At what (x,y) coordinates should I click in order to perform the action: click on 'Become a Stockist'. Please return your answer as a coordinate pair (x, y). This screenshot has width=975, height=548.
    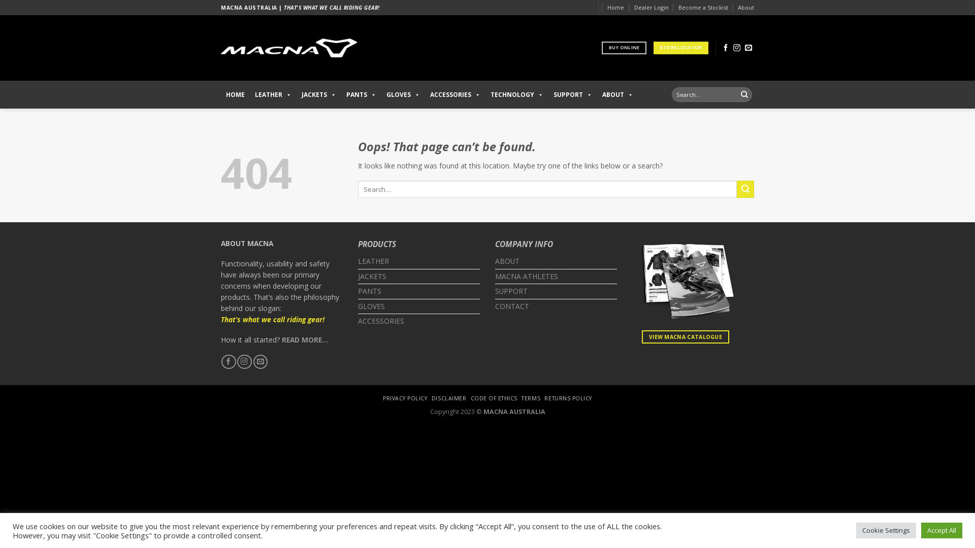
    Looking at the image, I should click on (703, 7).